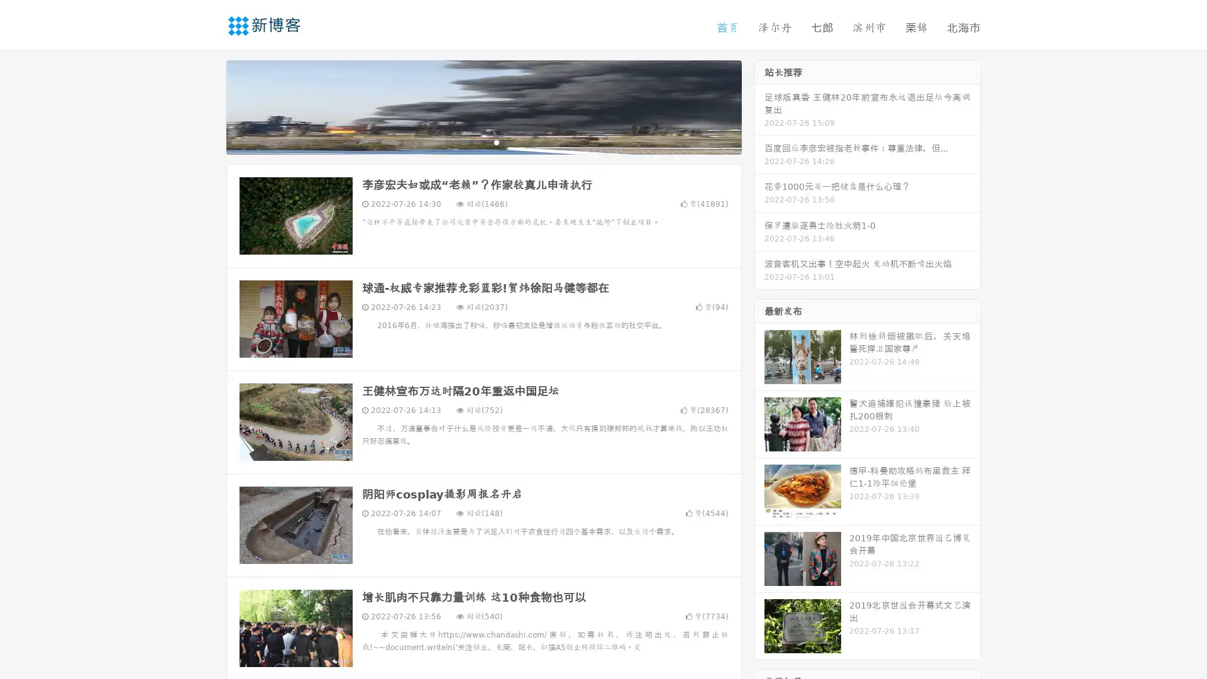 The width and height of the screenshot is (1207, 679). I want to click on Previous slide, so click(207, 106).